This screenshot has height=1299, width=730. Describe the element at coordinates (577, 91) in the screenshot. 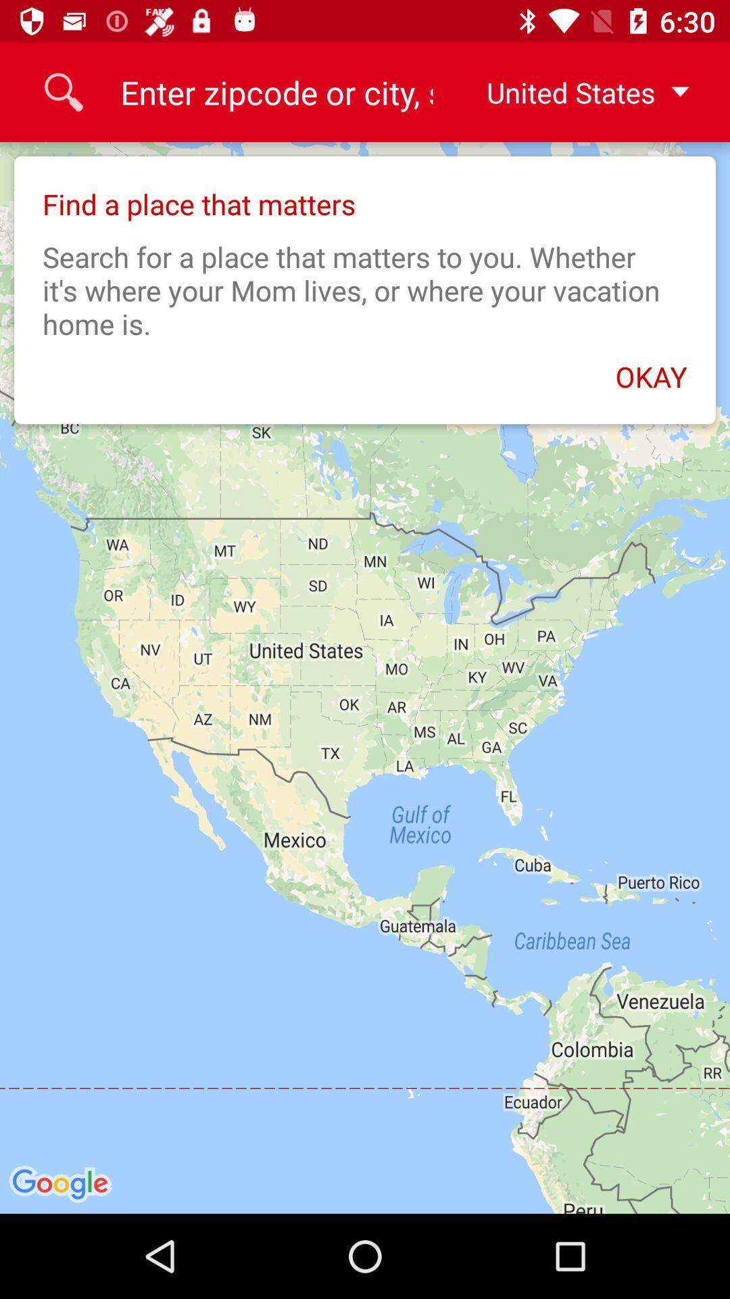

I see `the icon at the top right corner` at that location.